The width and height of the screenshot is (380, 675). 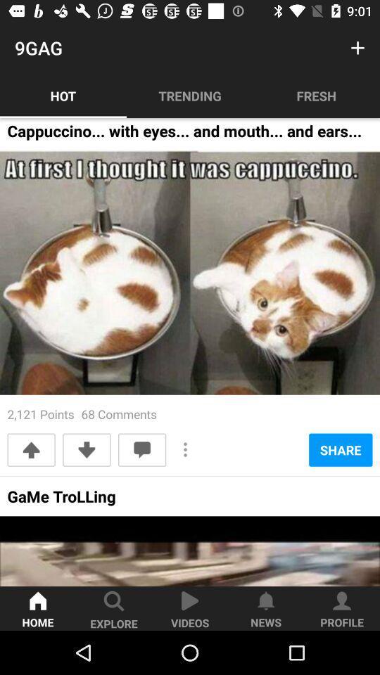 I want to click on message icon under first image, so click(x=142, y=449).